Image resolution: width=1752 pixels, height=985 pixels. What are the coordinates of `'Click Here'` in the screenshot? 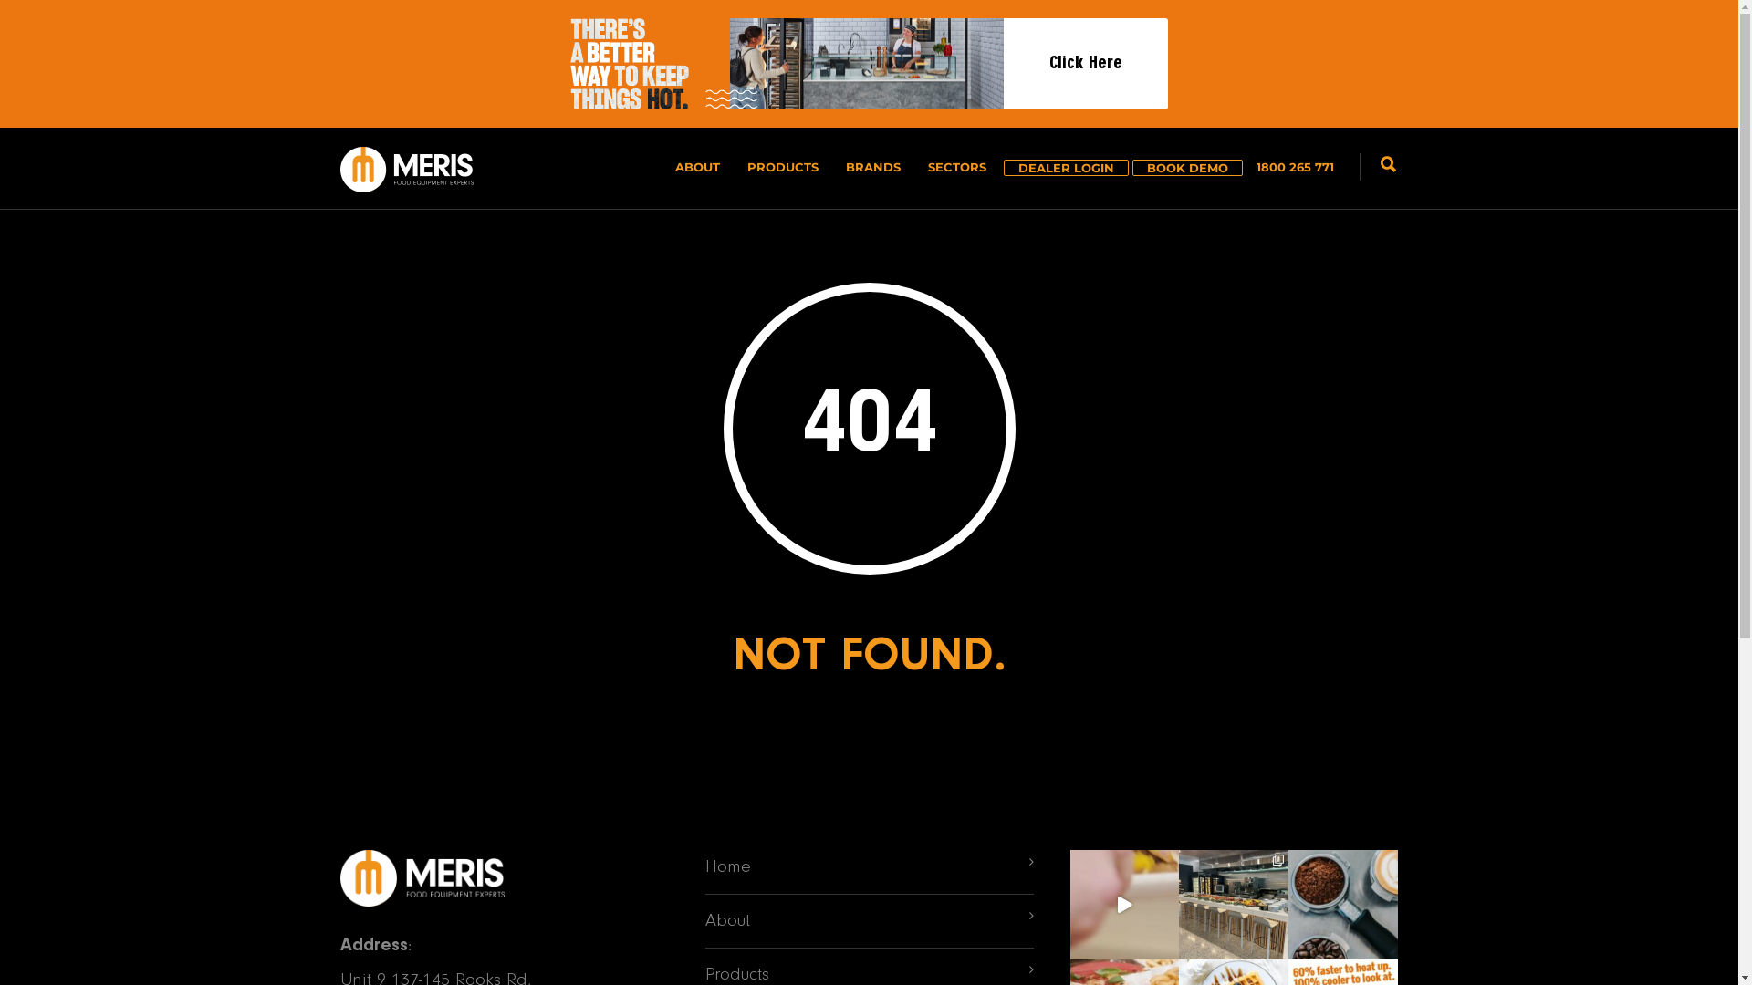 It's located at (868, 62).